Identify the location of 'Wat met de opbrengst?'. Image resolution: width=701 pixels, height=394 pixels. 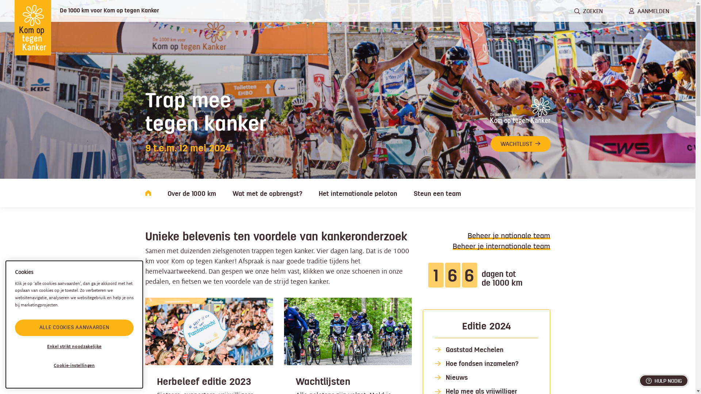
(231, 192).